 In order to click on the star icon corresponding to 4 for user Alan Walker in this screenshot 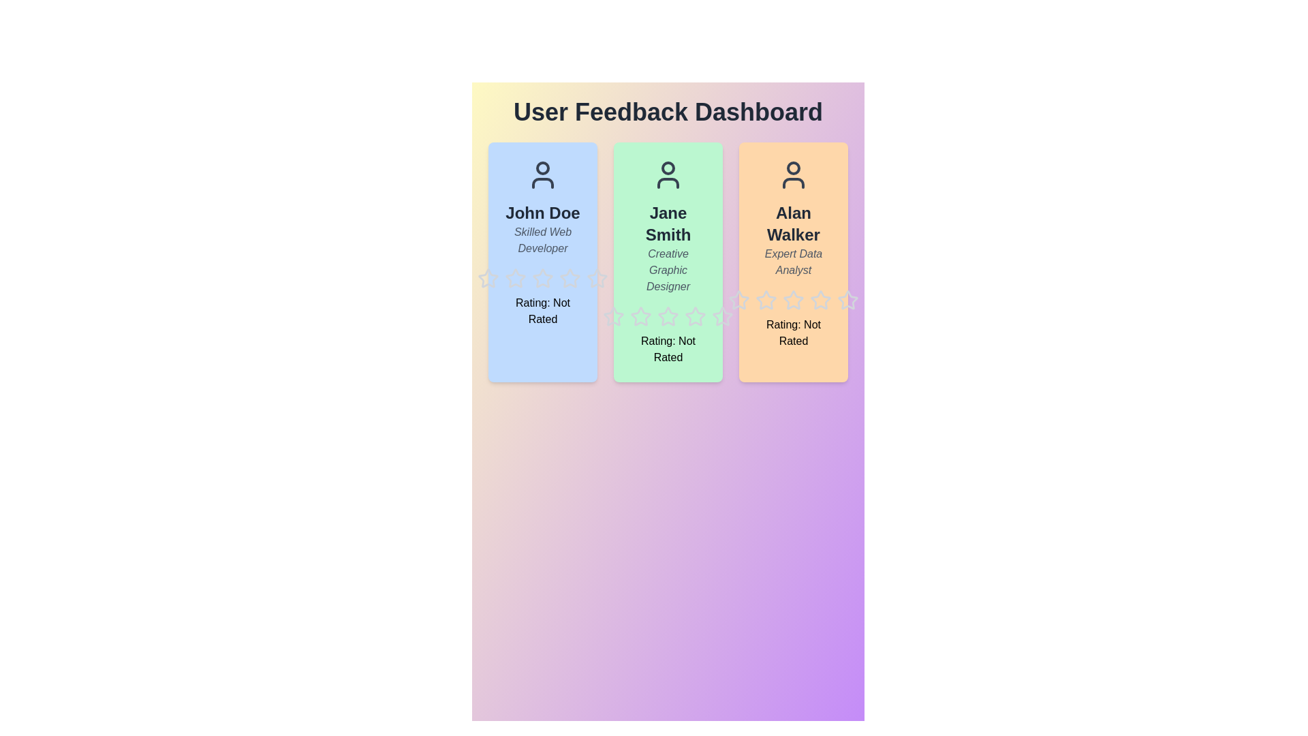, I will do `click(810, 288)`.